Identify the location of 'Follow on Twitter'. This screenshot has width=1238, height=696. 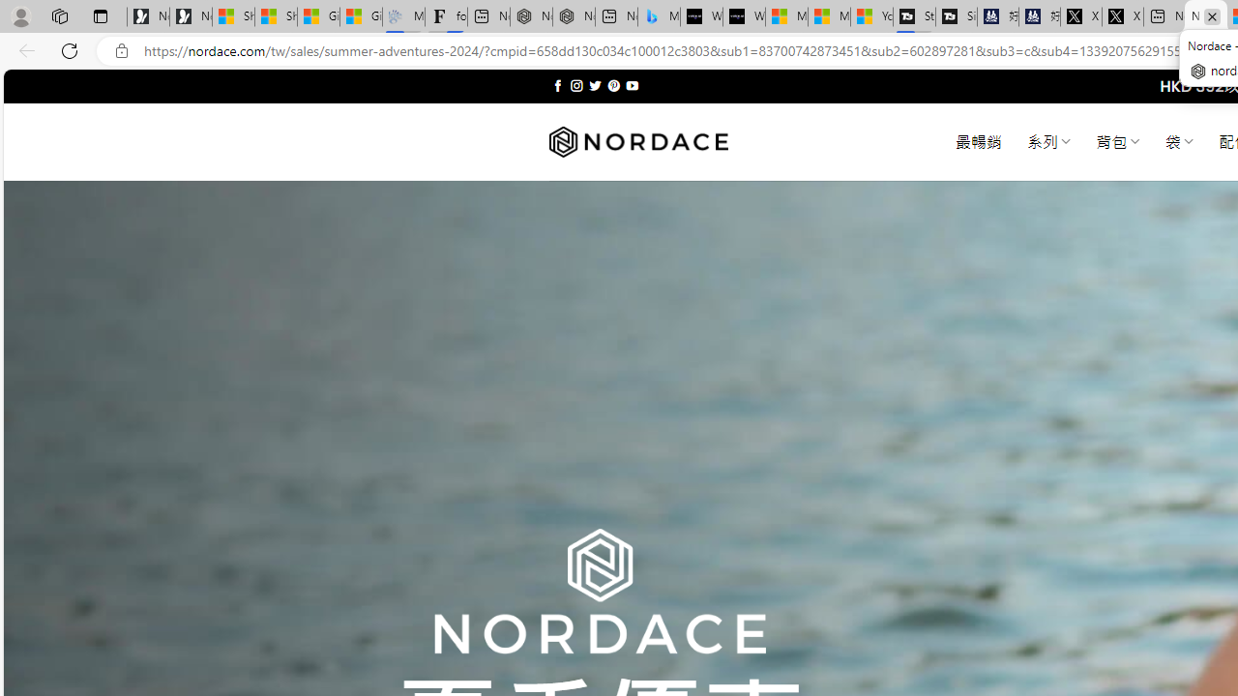
(594, 85).